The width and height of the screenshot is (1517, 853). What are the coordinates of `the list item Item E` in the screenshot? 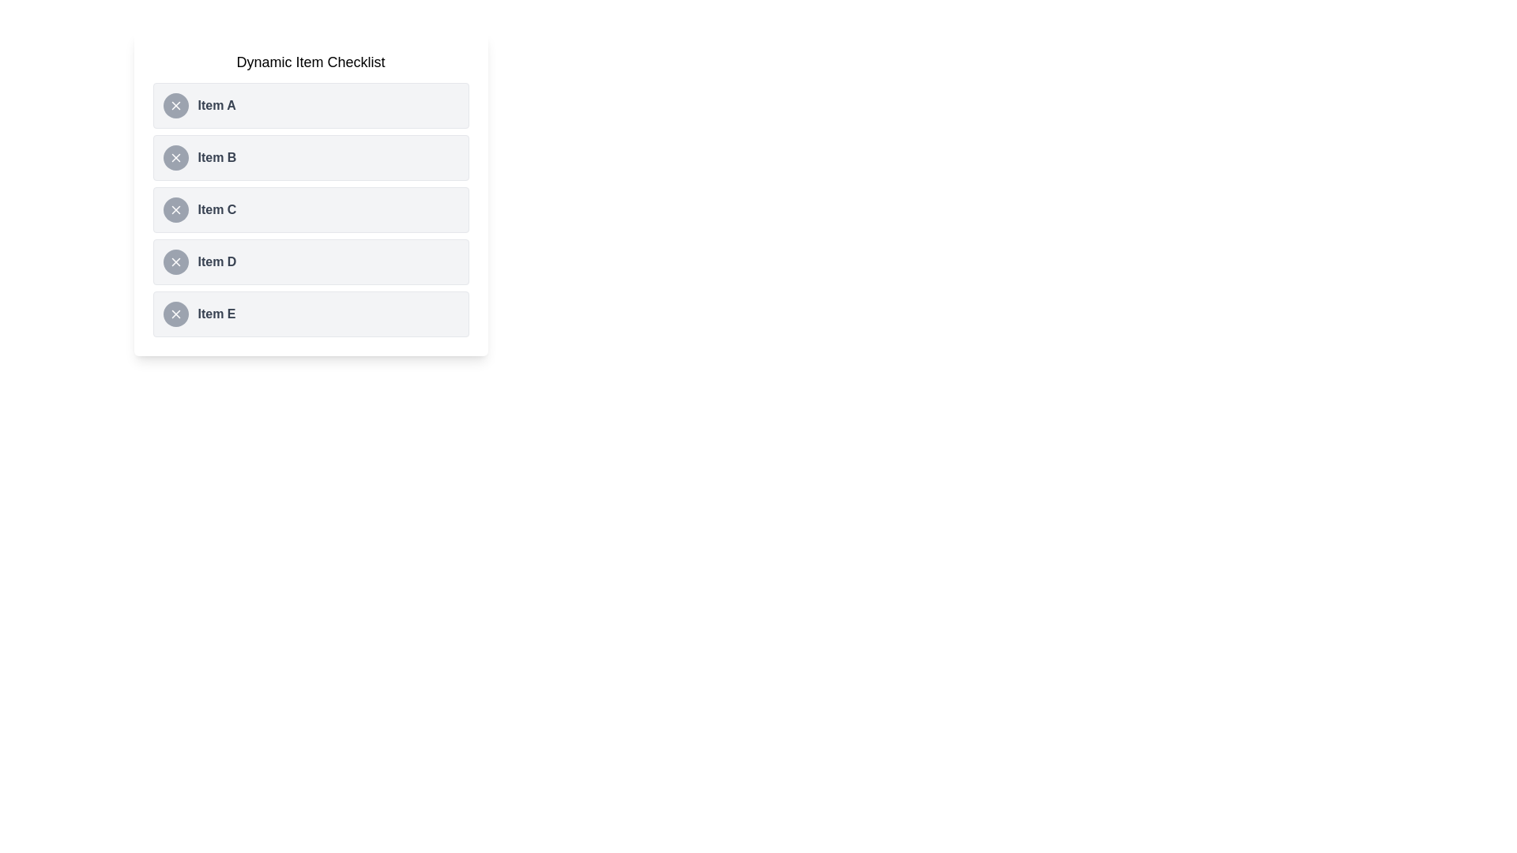 It's located at (311, 314).